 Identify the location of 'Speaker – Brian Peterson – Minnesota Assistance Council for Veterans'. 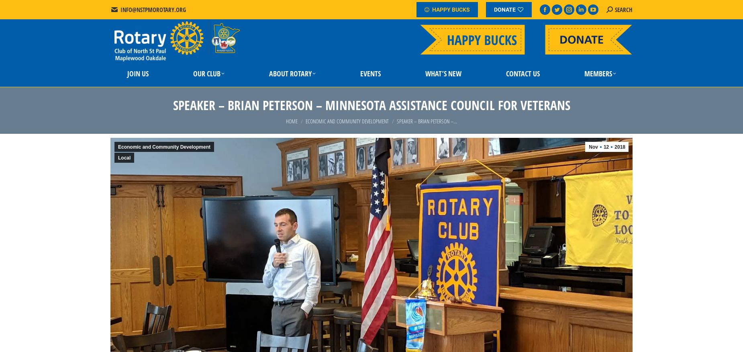
(371, 104).